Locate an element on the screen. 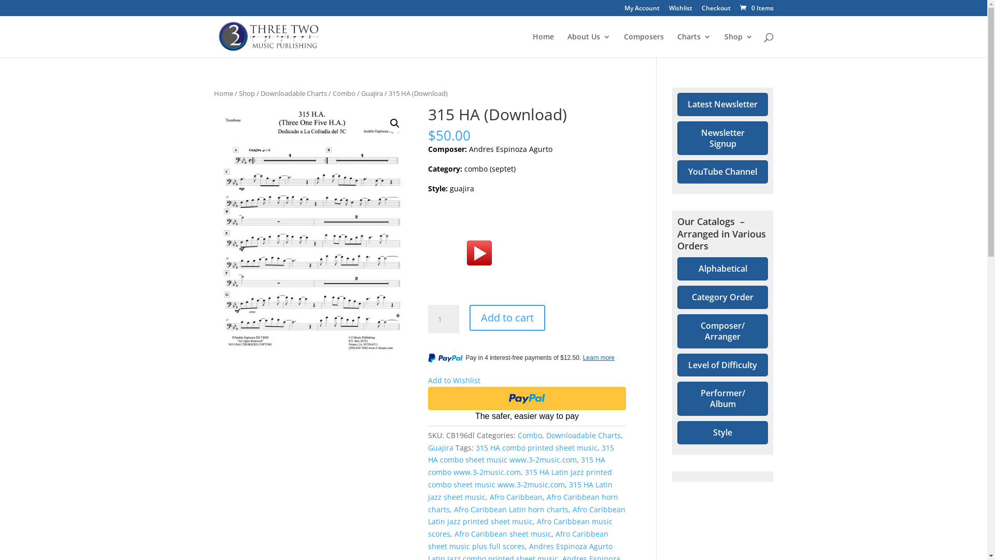  'Shop' is located at coordinates (246, 93).